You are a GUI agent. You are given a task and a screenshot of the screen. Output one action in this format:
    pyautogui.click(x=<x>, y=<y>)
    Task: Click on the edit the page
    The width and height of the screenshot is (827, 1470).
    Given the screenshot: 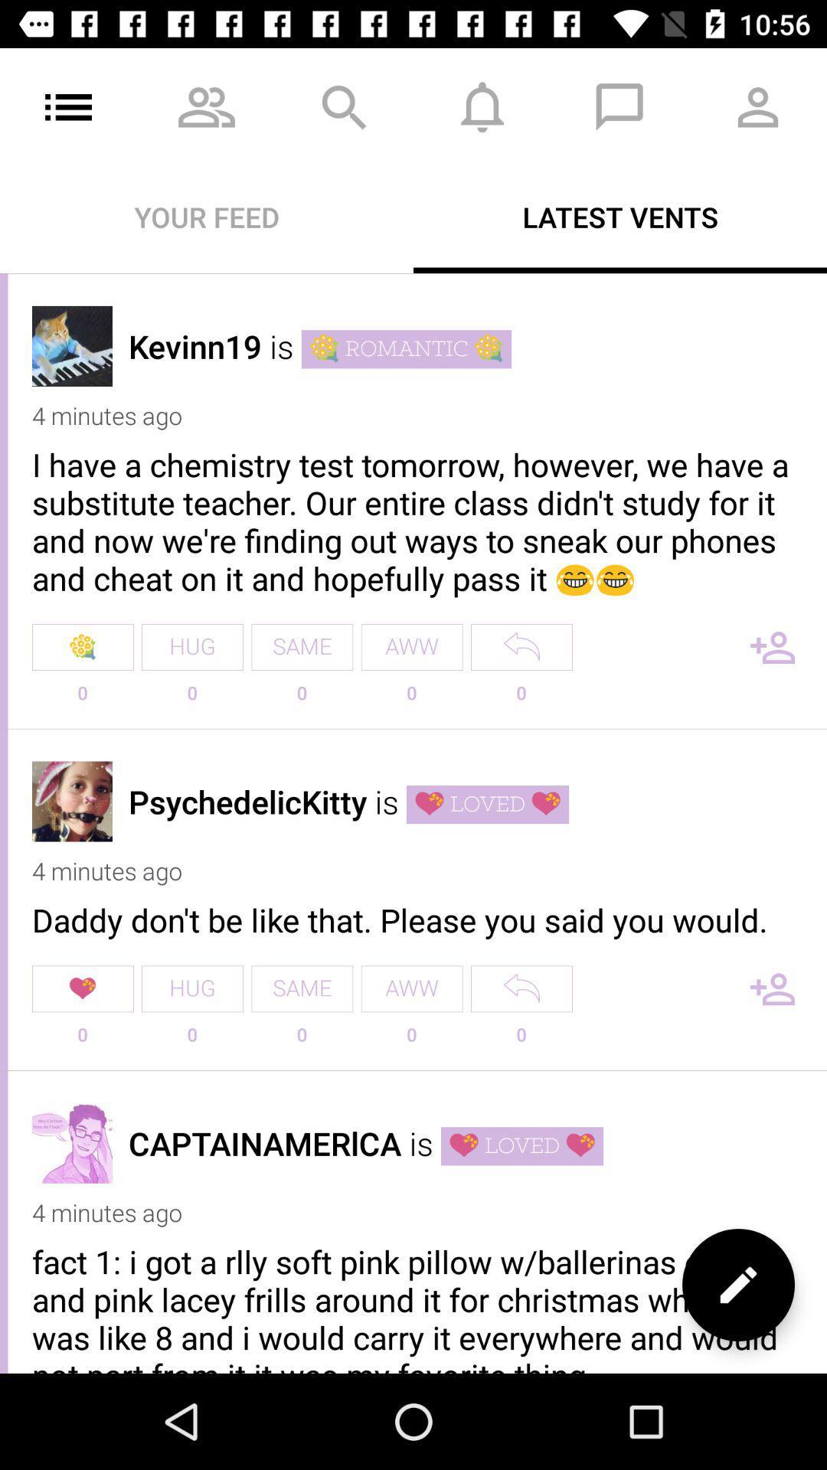 What is the action you would take?
    pyautogui.click(x=737, y=1285)
    